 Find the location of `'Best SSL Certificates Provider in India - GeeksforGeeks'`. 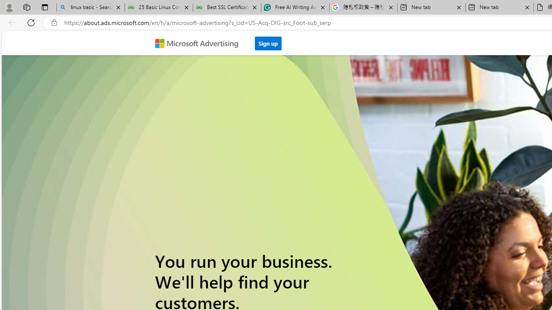

'Best SSL Certificates Provider in India - GeeksforGeeks' is located at coordinates (227, 7).